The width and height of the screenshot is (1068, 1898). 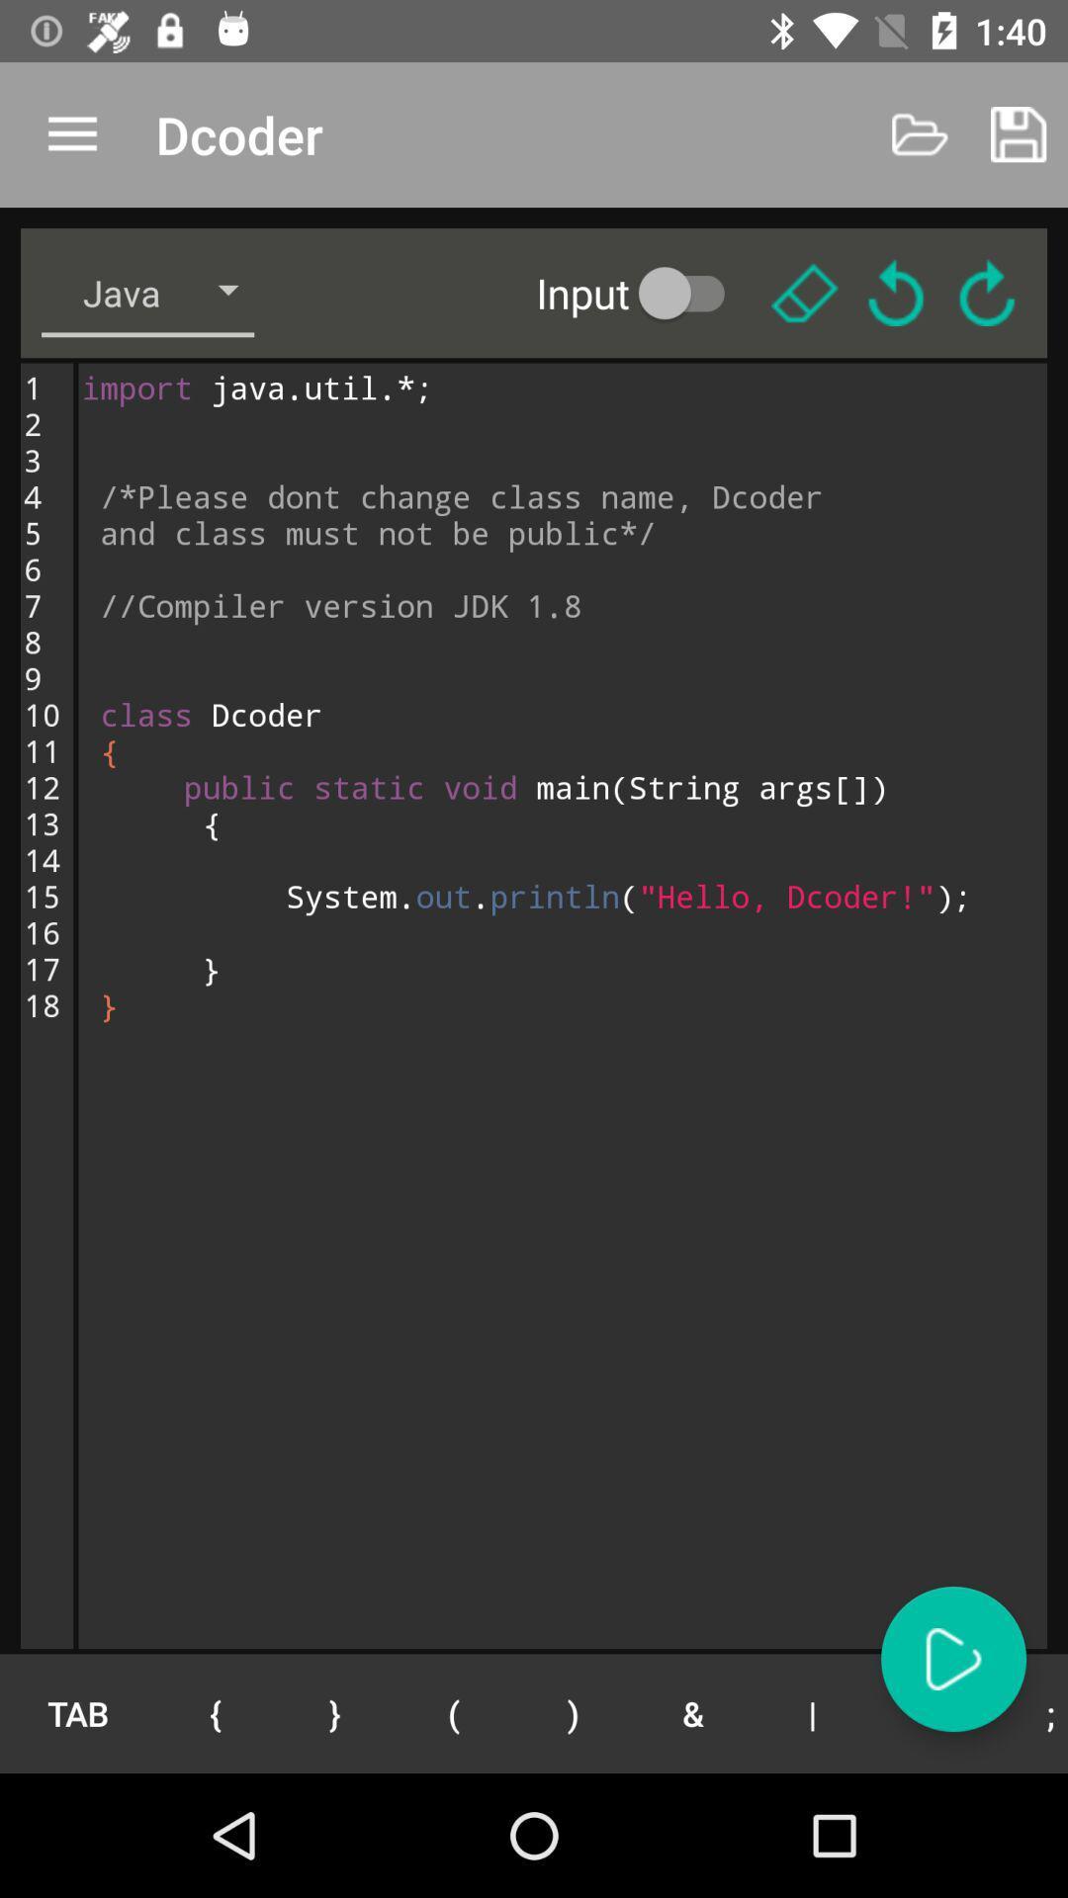 What do you see at coordinates (71, 133) in the screenshot?
I see `the icon next to the dcoder app` at bounding box center [71, 133].